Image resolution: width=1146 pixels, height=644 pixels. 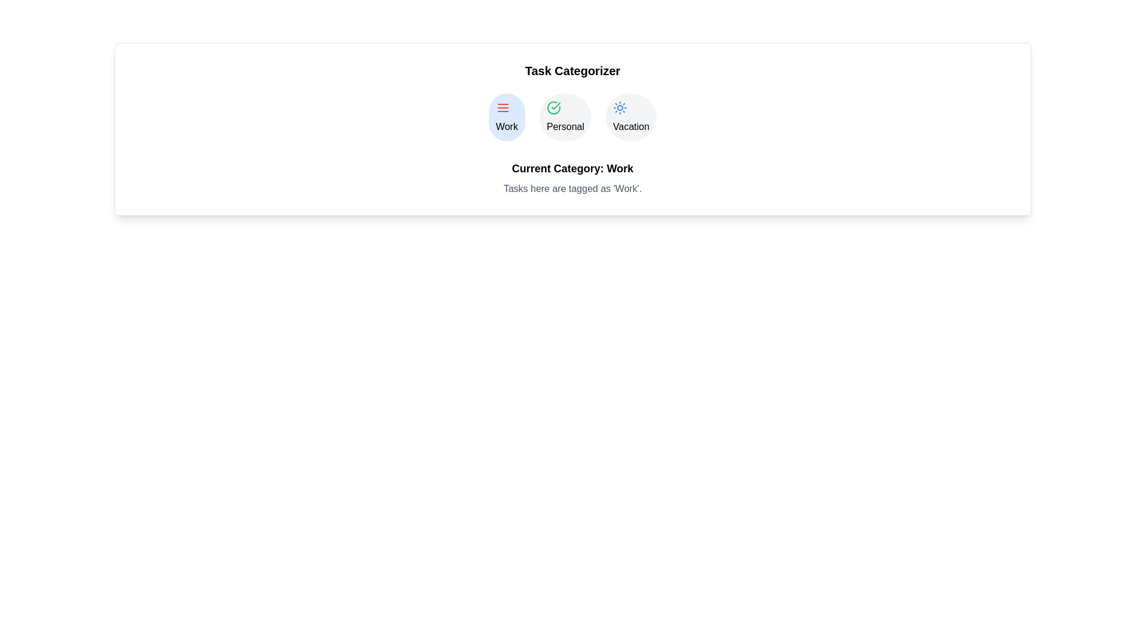 What do you see at coordinates (565, 117) in the screenshot?
I see `the 'Personal' category button in the 'Task Categorizer' section to observe potential hover effects` at bounding box center [565, 117].